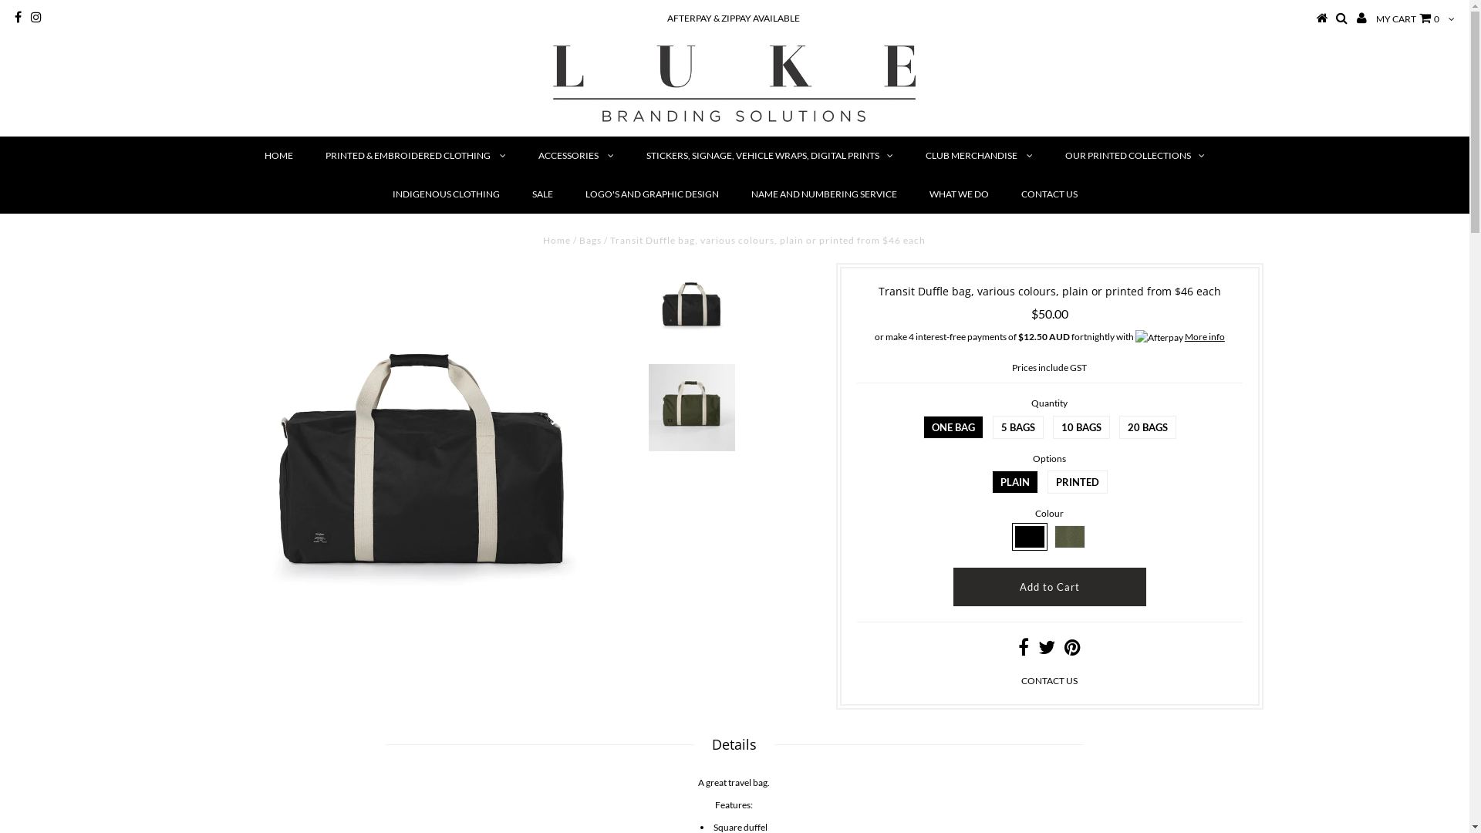  Describe the element at coordinates (953, 586) in the screenshot. I see `'Add to Cart'` at that location.